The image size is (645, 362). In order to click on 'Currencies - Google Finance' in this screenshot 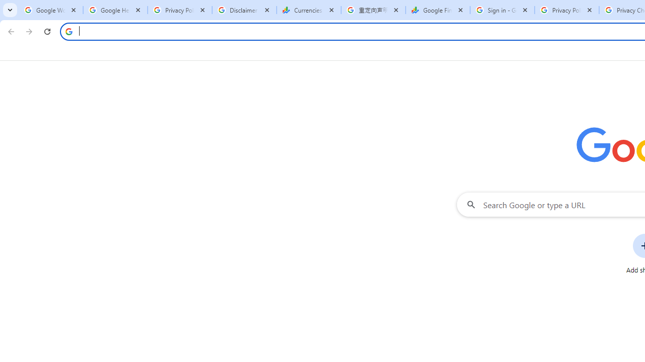, I will do `click(308, 10)`.